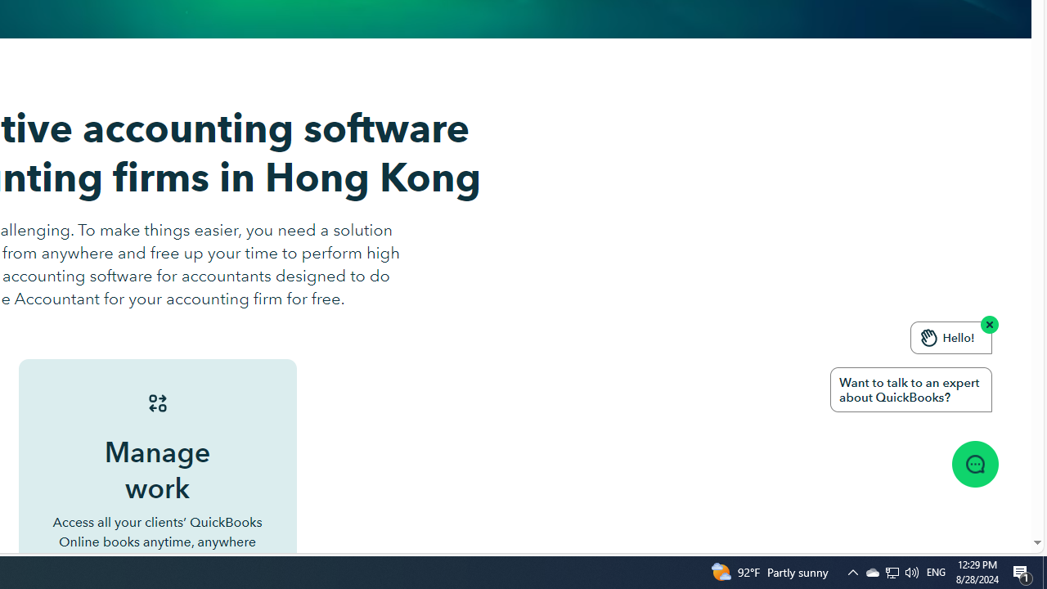 The image size is (1047, 589). What do you see at coordinates (974, 464) in the screenshot?
I see `'Class: message-icon_img-desktop'` at bounding box center [974, 464].